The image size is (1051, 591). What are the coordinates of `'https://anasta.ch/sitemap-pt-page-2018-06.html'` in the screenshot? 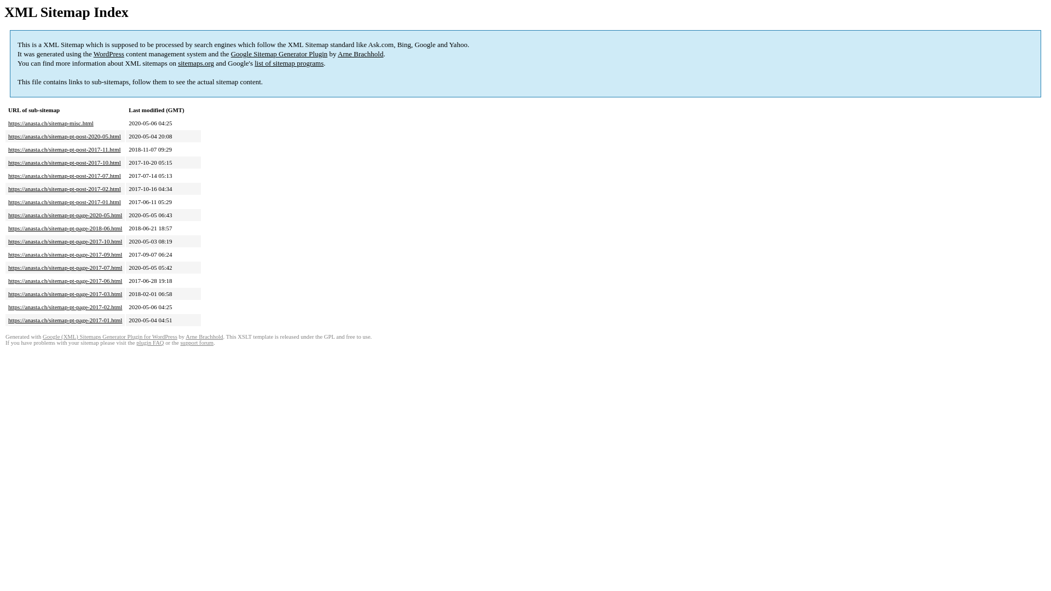 It's located at (8, 227).